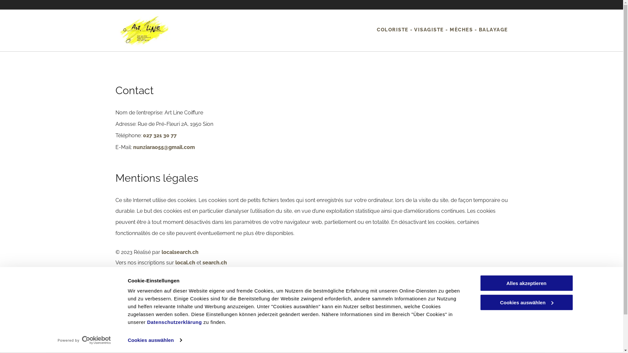 The image size is (628, 353). I want to click on '027 321 30 77', so click(159, 135).